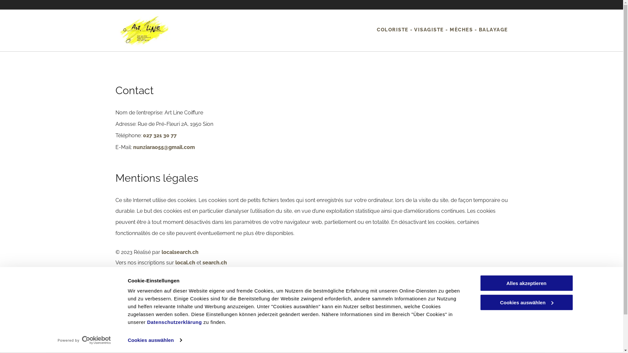 The image size is (628, 353). I want to click on '027 321 30 77', so click(159, 135).